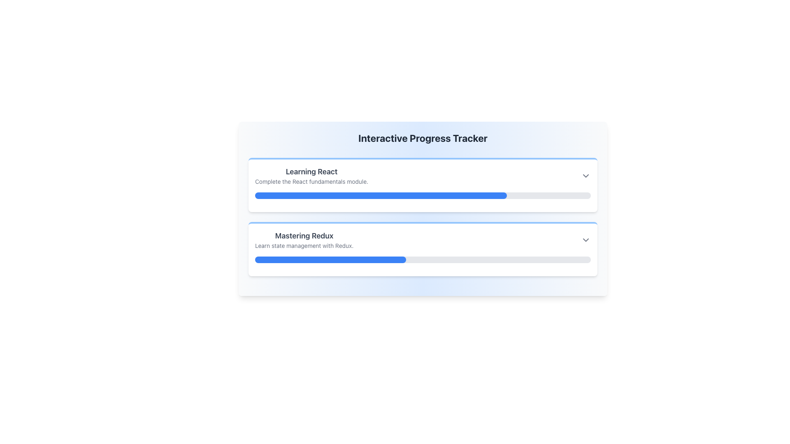 The width and height of the screenshot is (790, 444). What do you see at coordinates (304, 245) in the screenshot?
I see `the descriptive text label providing additional context about 'Mastering Redux,' which is positioned below the bold heading` at bounding box center [304, 245].